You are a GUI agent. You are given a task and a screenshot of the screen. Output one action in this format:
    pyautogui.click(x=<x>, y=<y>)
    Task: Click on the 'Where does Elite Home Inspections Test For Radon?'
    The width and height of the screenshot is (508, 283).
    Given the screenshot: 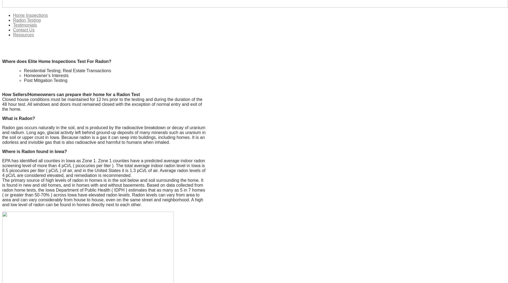 What is the action you would take?
    pyautogui.click(x=2, y=61)
    